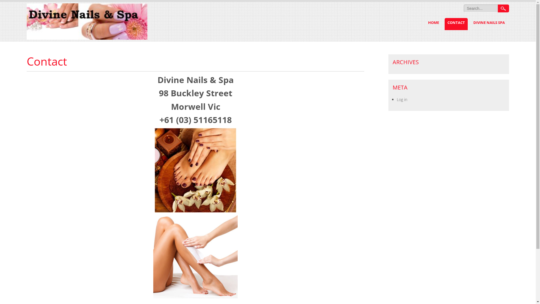 The width and height of the screenshot is (540, 304). What do you see at coordinates (503, 8) in the screenshot?
I see `'Search'` at bounding box center [503, 8].